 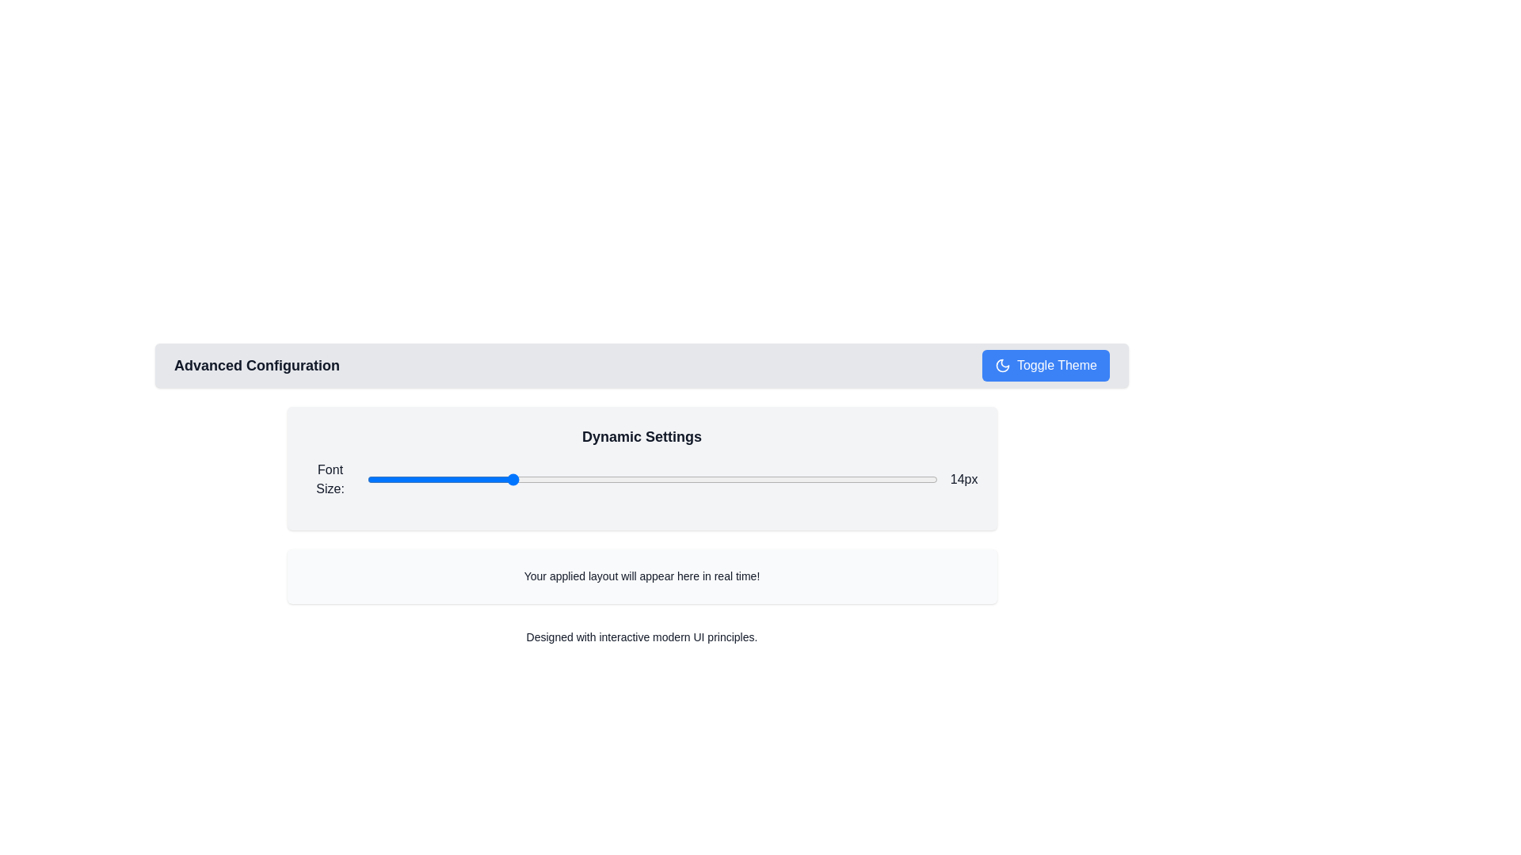 I want to click on the theme toggle icon located within the 'Toggle Theme' button in the upper-right section of the interface, so click(x=1001, y=366).